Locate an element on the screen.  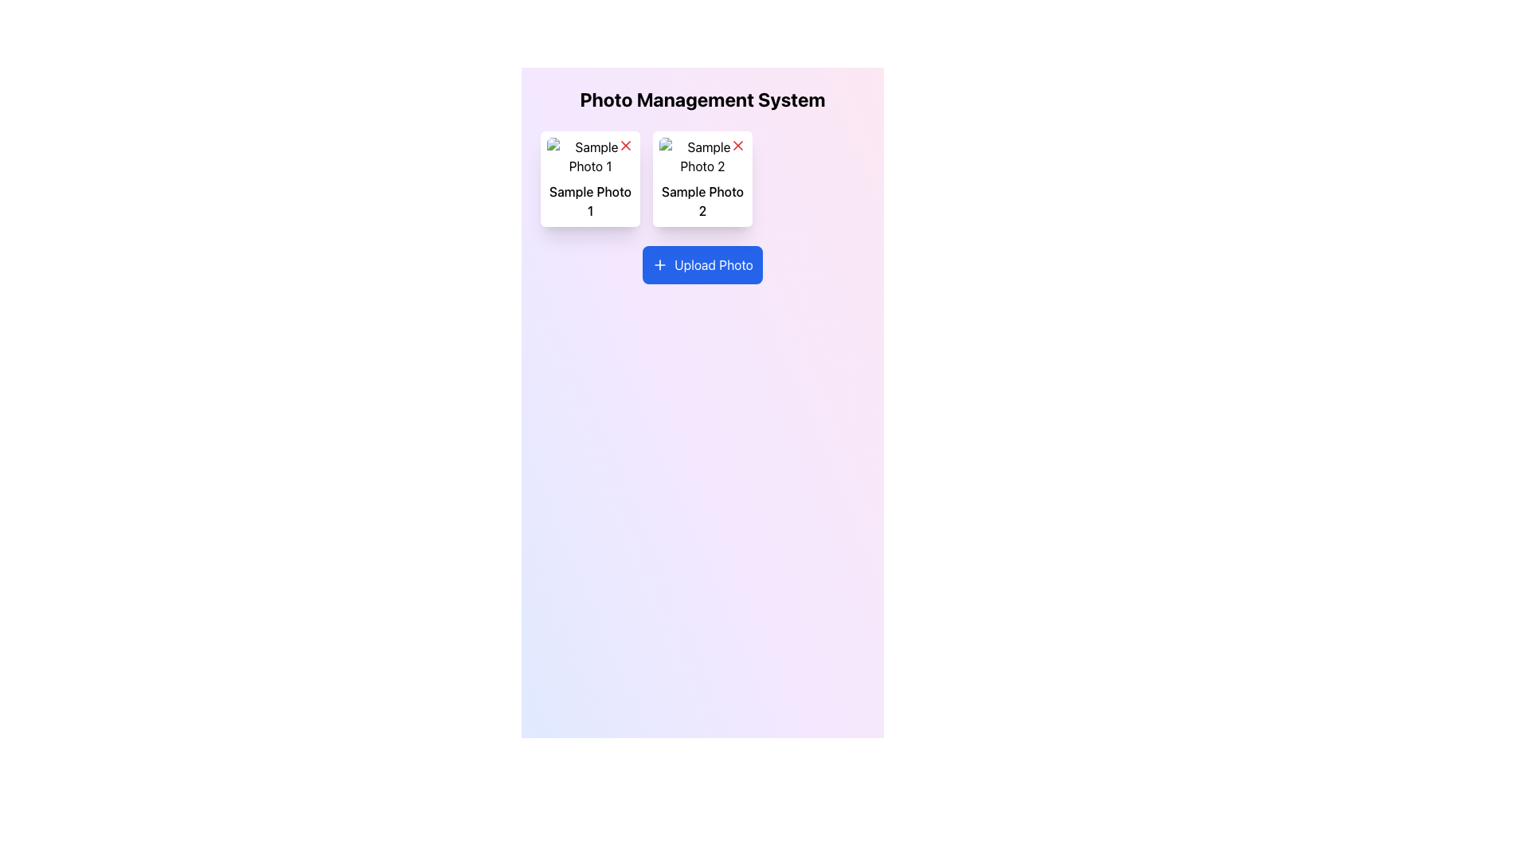
the placeholder image with class 'rounded-md' and alt text 'Sample Photo 1' located at the top-left corner of the card structure is located at coordinates (589, 156).